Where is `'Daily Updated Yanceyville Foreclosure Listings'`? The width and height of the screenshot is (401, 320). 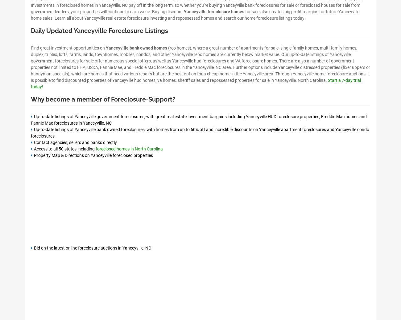 'Daily Updated Yanceyville Foreclosure Listings' is located at coordinates (99, 30).